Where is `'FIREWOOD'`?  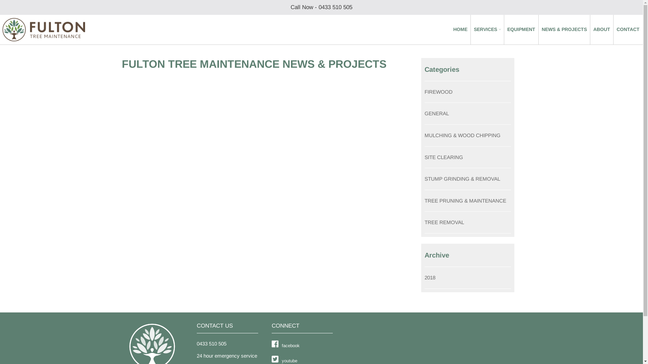
'FIREWOOD' is located at coordinates (438, 92).